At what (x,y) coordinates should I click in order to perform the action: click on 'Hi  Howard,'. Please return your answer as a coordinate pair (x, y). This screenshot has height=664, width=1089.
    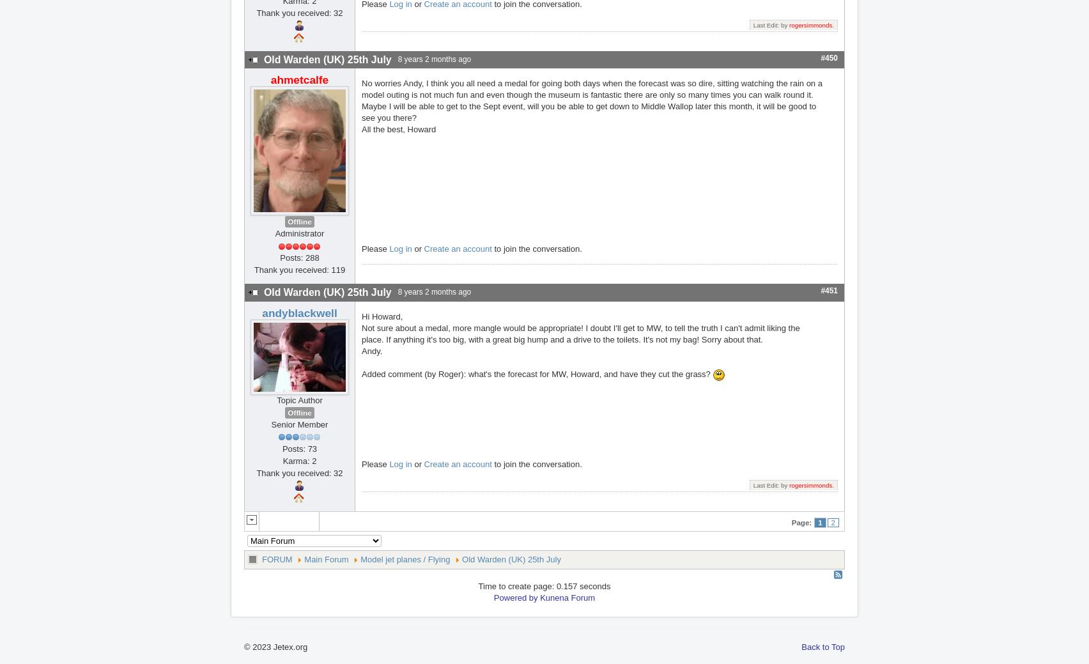
    Looking at the image, I should click on (382, 315).